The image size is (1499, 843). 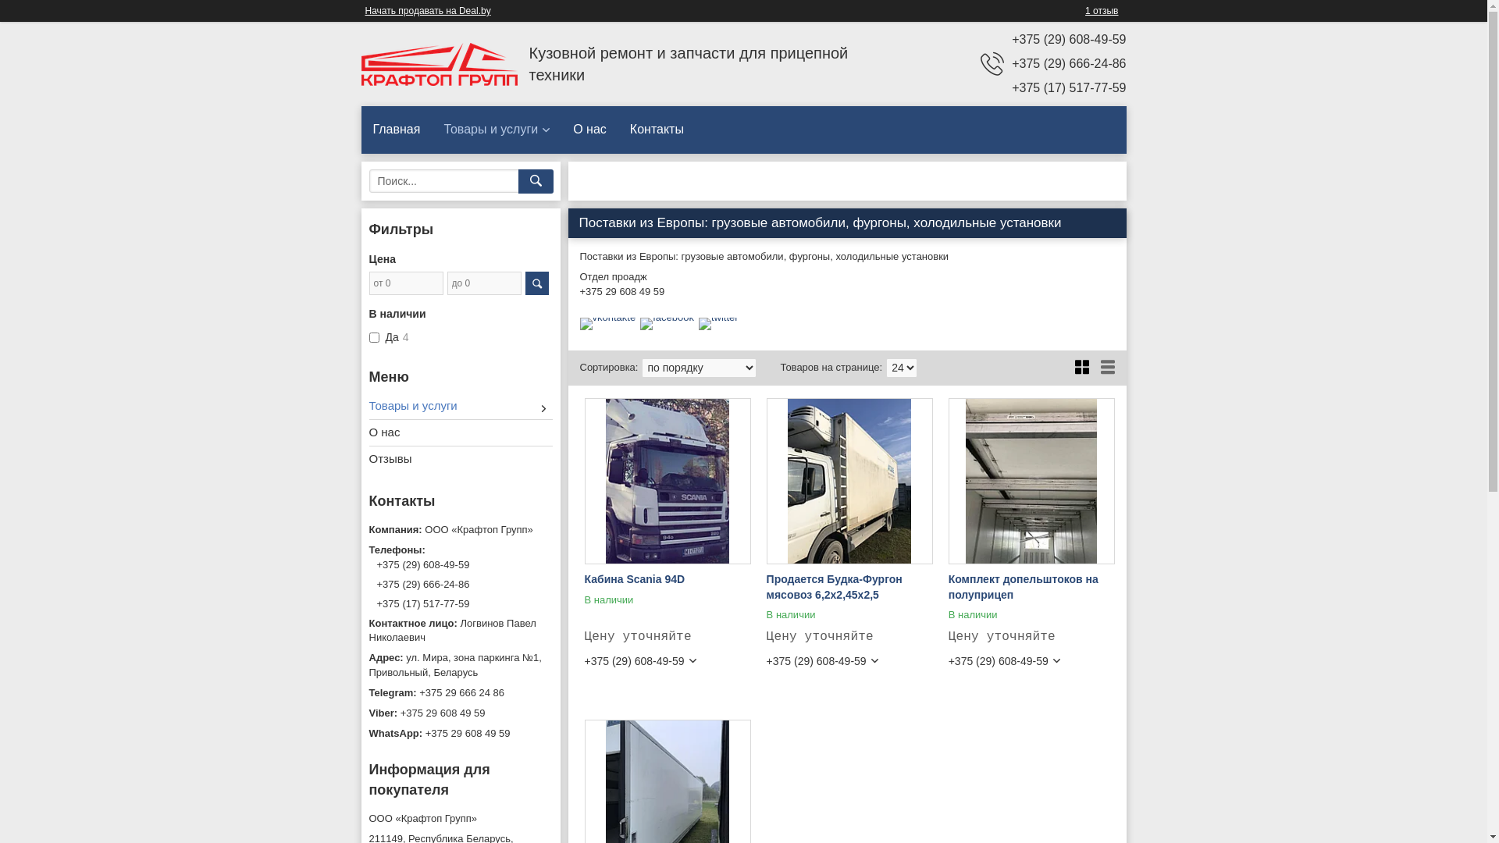 What do you see at coordinates (717, 316) in the screenshot?
I see `'twitter'` at bounding box center [717, 316].